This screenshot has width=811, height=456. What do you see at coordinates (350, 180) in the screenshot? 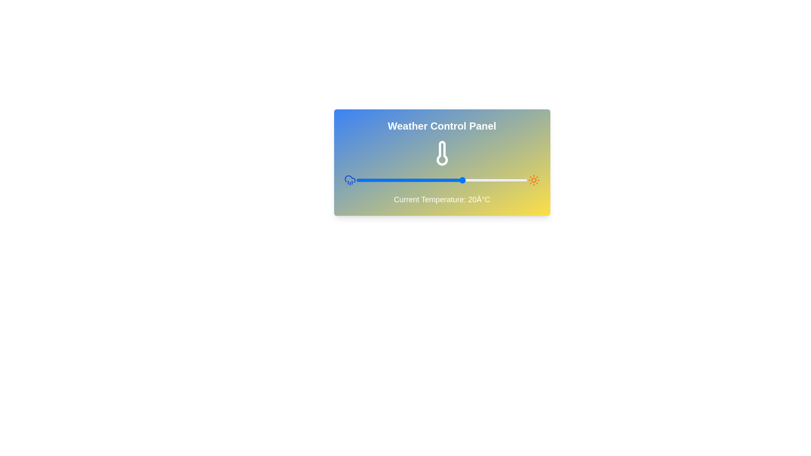
I see `the rain icon to simulate interaction` at bounding box center [350, 180].